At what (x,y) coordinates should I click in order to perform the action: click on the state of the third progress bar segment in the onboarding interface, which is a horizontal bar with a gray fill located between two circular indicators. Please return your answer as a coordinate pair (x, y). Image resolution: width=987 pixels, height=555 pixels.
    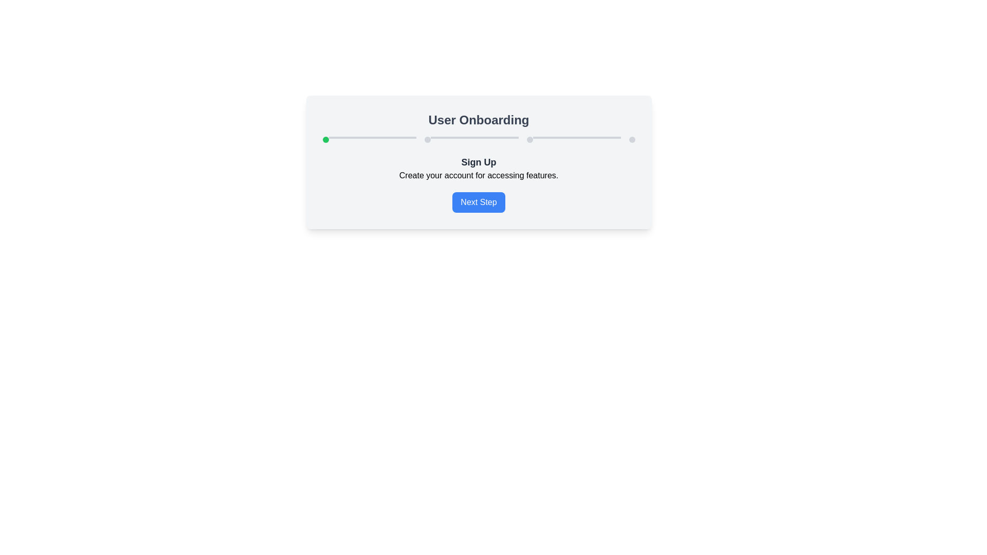
    Looking at the image, I should click on (577, 137).